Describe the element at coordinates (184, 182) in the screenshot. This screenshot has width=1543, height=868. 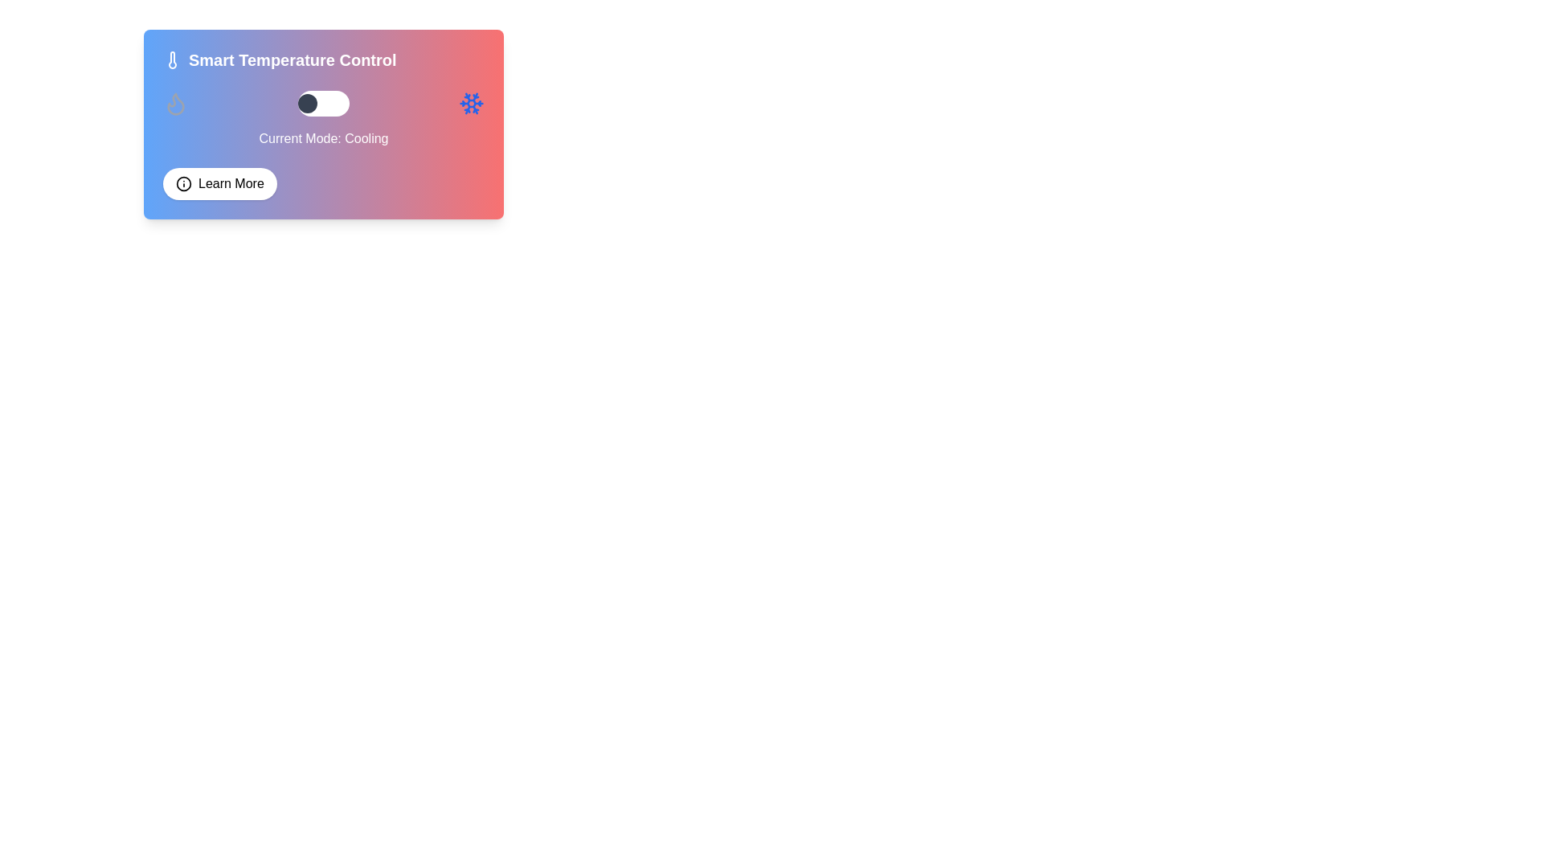
I see `the icon located to the left of the text 'Learn More' inside the button at the lower left part of the card component` at that location.